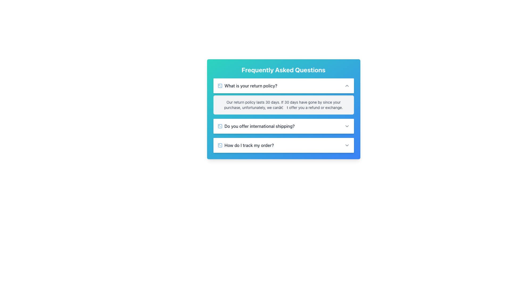 The image size is (511, 287). What do you see at coordinates (245, 145) in the screenshot?
I see `the 'How do I track my order?' button, which features a blue terminal icon on the left and is part of the Frequently Asked Questions section` at bounding box center [245, 145].